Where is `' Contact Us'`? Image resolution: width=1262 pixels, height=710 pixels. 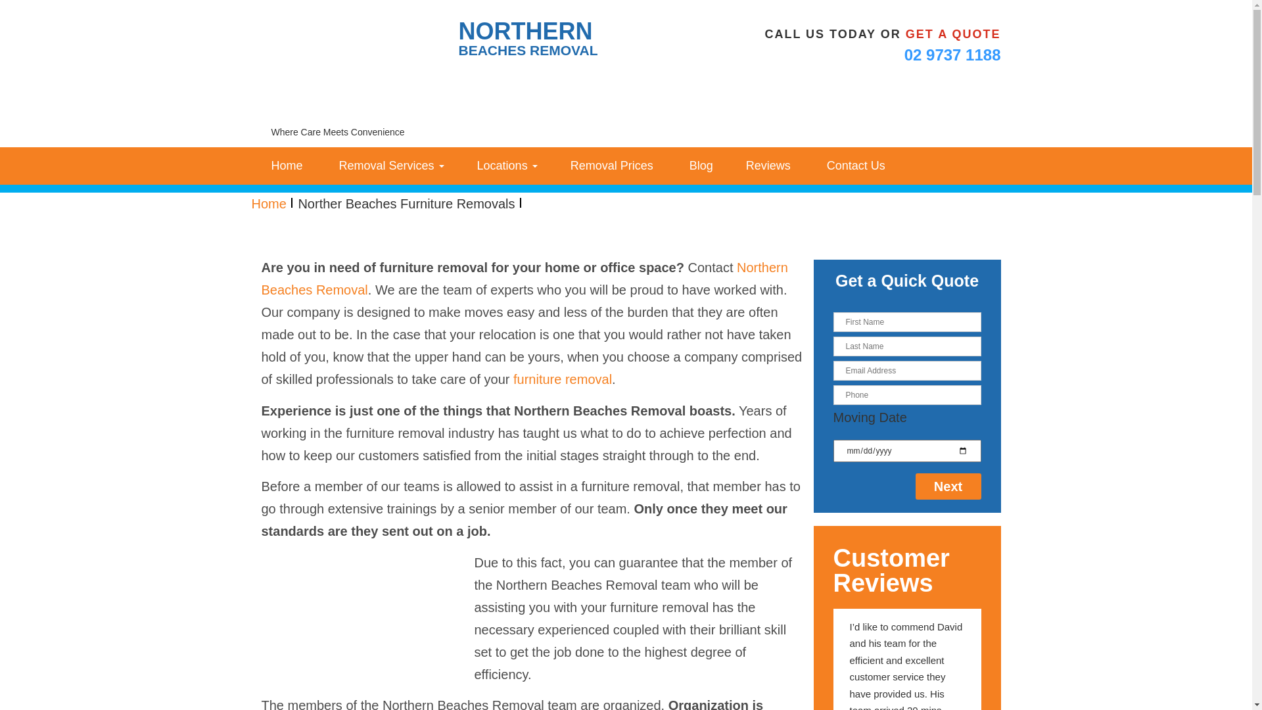 ' Contact Us' is located at coordinates (854, 165).